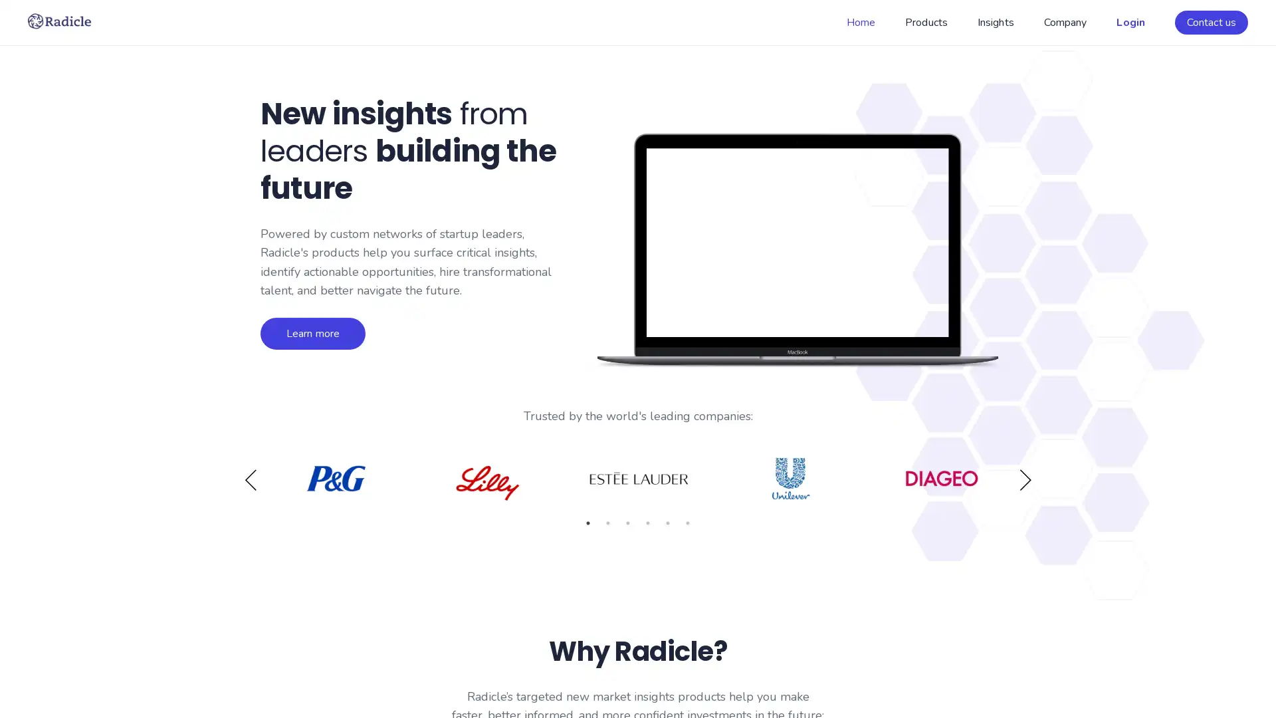 This screenshot has width=1276, height=718. What do you see at coordinates (1024, 479) in the screenshot?
I see `next` at bounding box center [1024, 479].